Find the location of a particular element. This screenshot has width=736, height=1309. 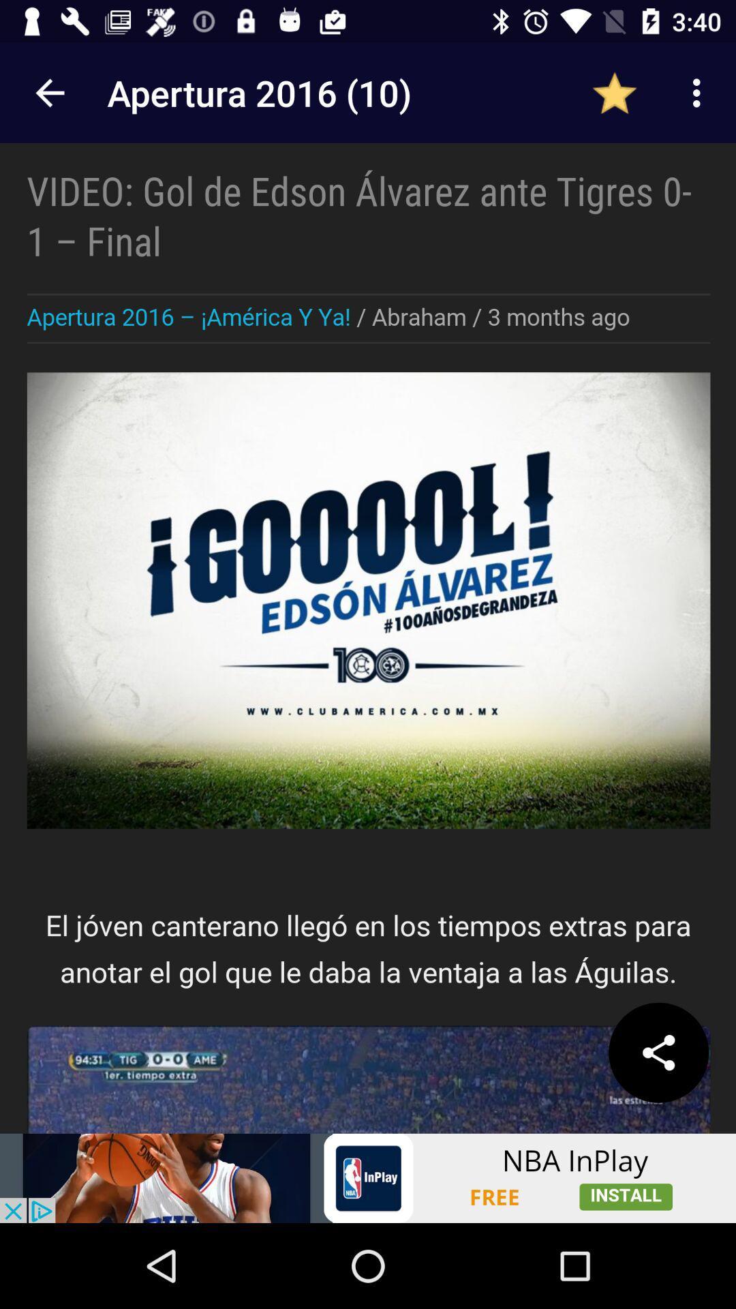

advertisement is located at coordinates (368, 1177).